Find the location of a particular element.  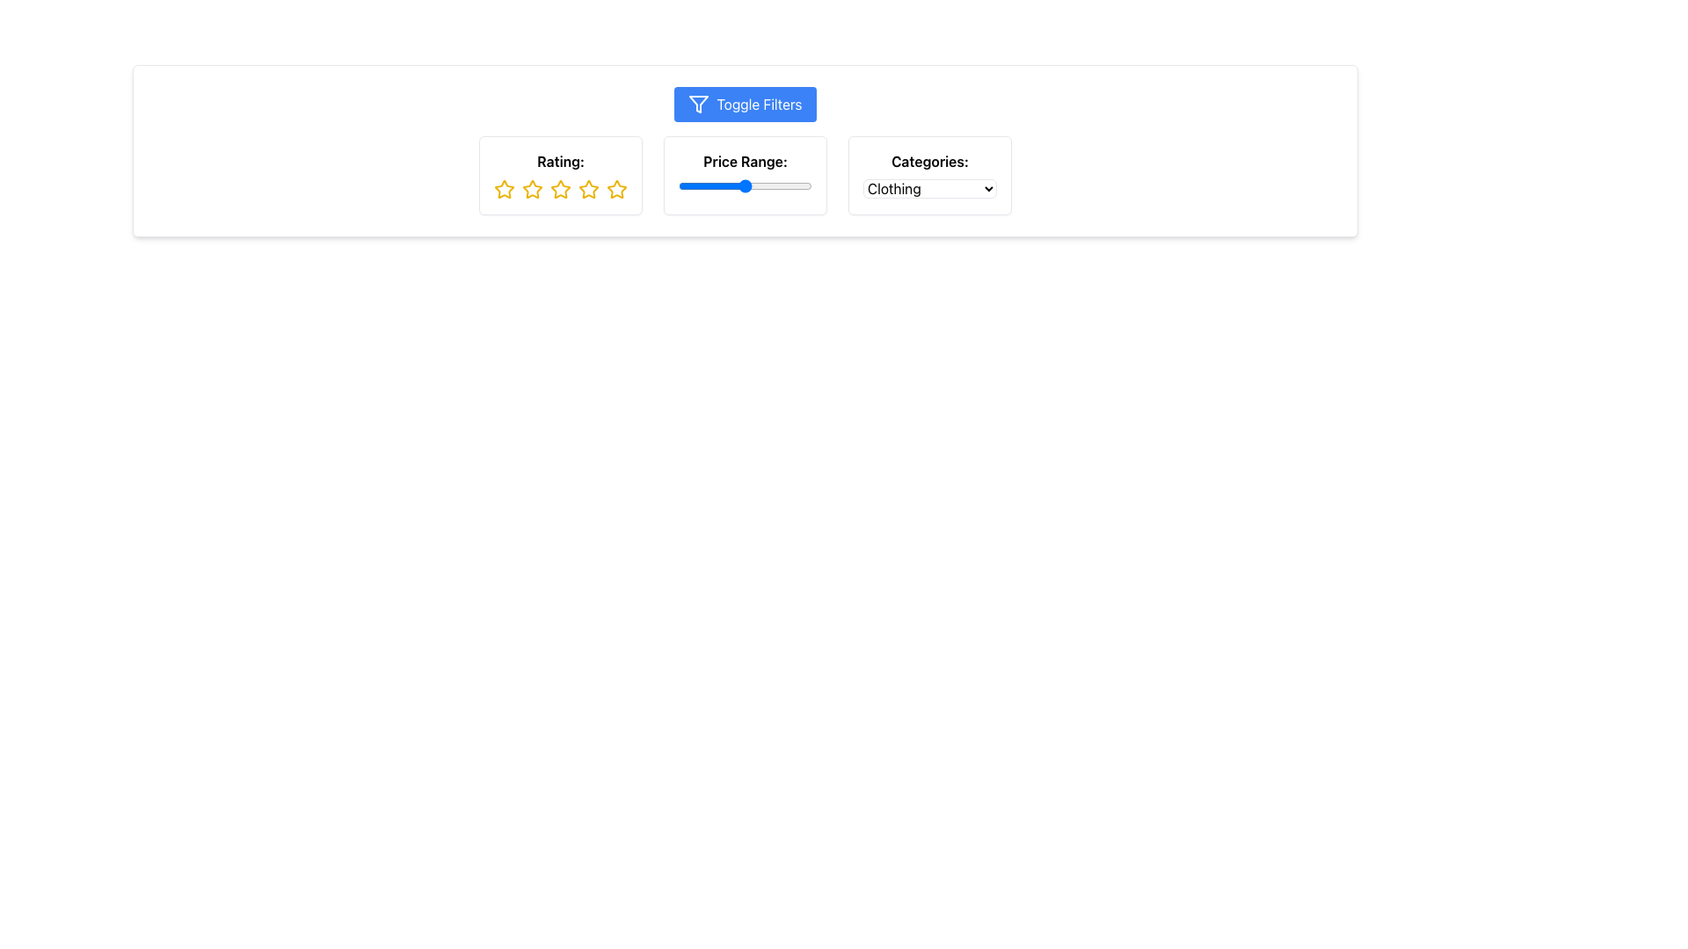

one of the stars in the interactive rating widget located in the upper left quadrant of the interface is located at coordinates (560, 176).